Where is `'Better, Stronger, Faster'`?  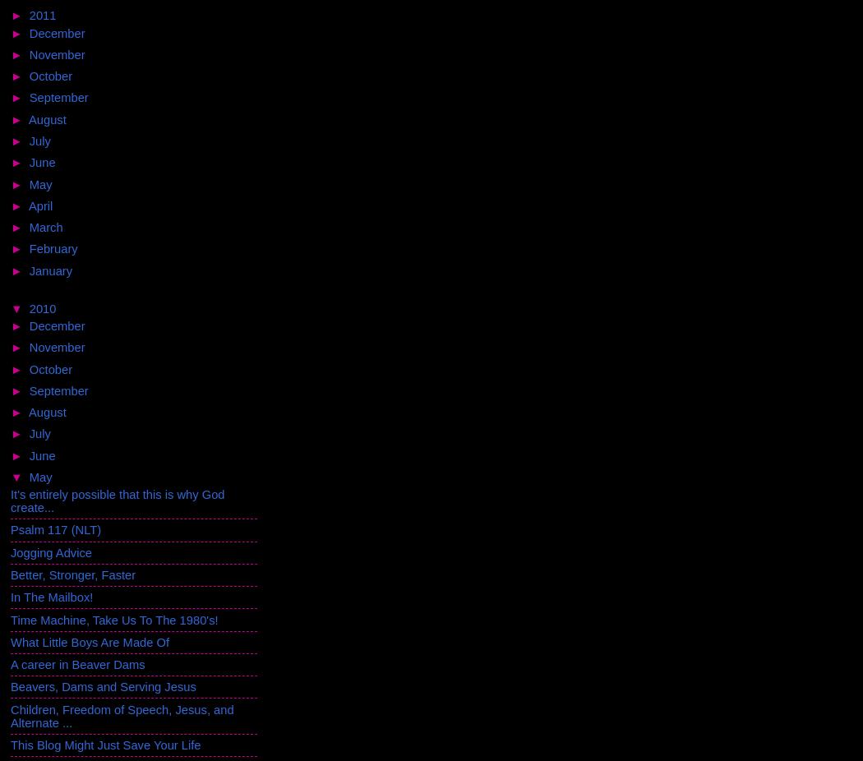 'Better, Stronger, Faster' is located at coordinates (73, 574).